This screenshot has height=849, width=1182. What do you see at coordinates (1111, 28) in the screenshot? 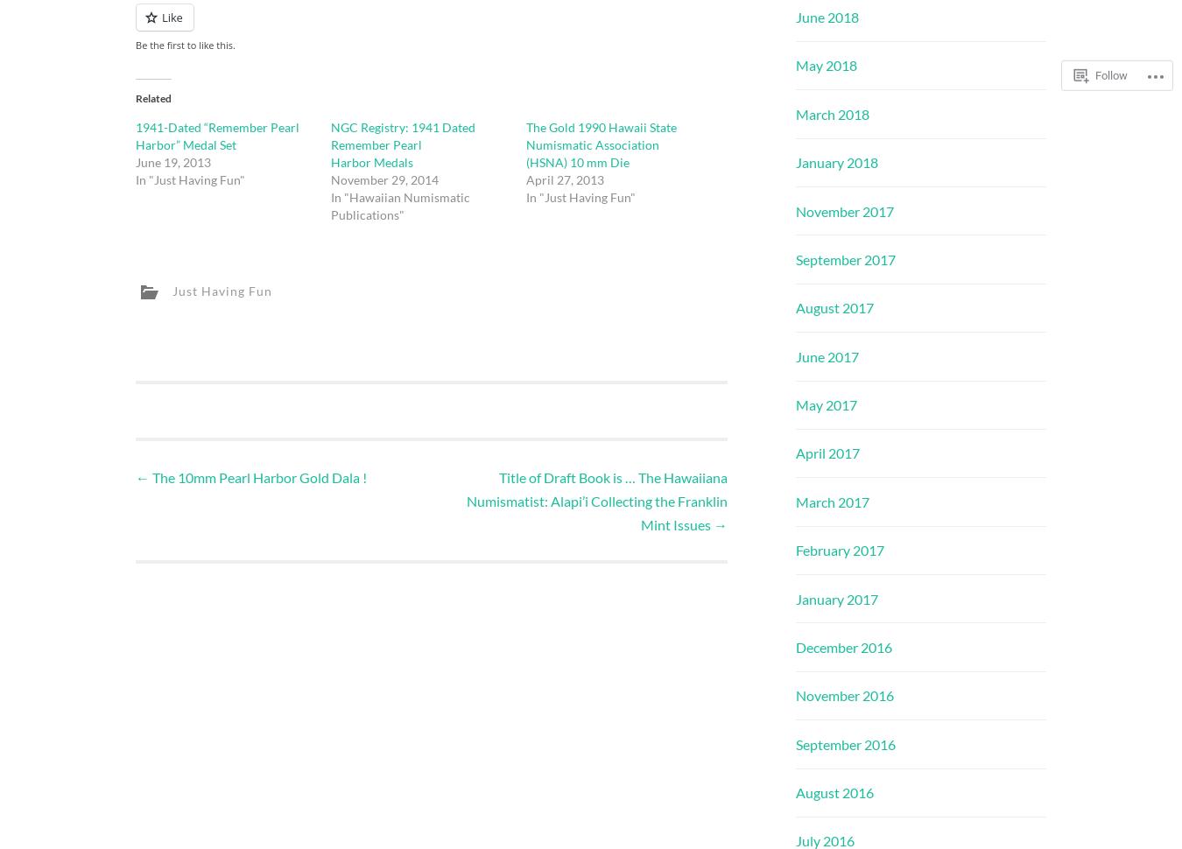
I see `'Follow'` at bounding box center [1111, 28].